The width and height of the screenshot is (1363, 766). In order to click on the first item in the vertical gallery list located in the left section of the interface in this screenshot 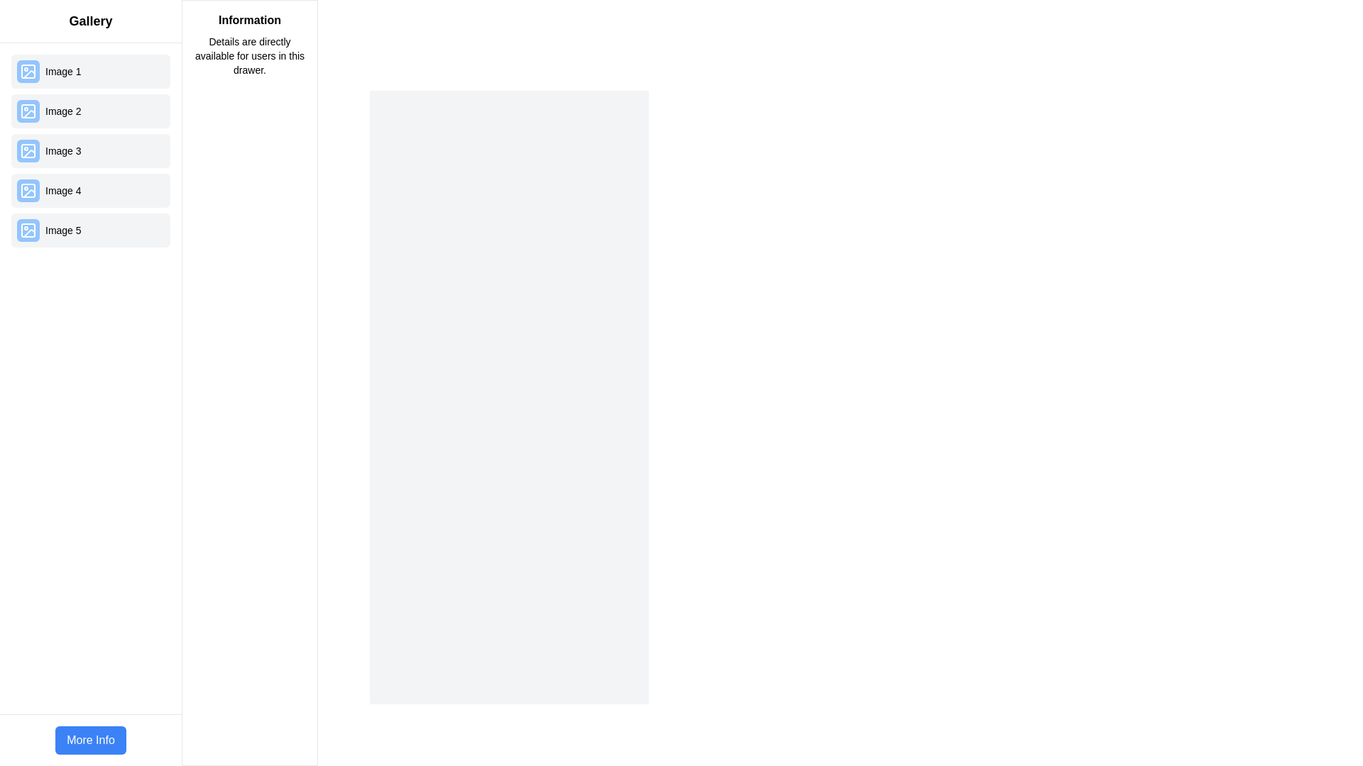, I will do `click(90, 71)`.